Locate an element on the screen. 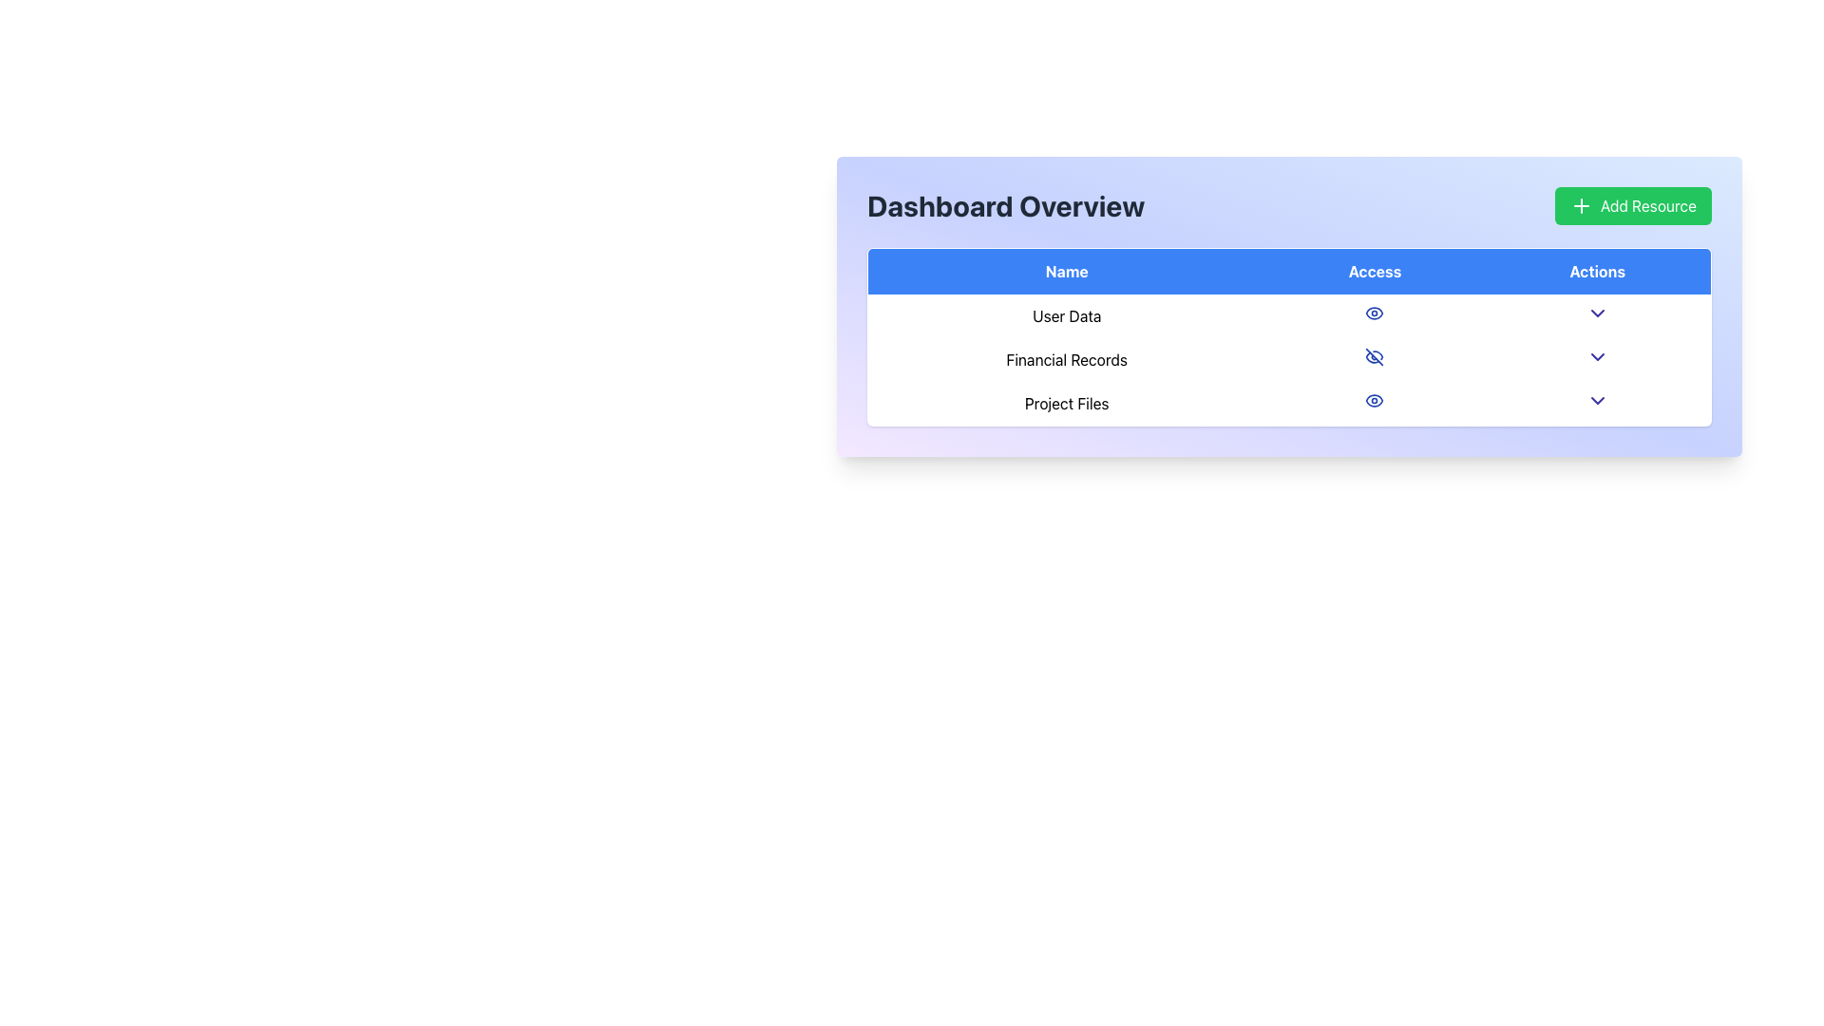 Image resolution: width=1824 pixels, height=1026 pixels. the dropdown trigger button in the 'Actions' column for the 'User Data' entry is located at coordinates (1596, 314).